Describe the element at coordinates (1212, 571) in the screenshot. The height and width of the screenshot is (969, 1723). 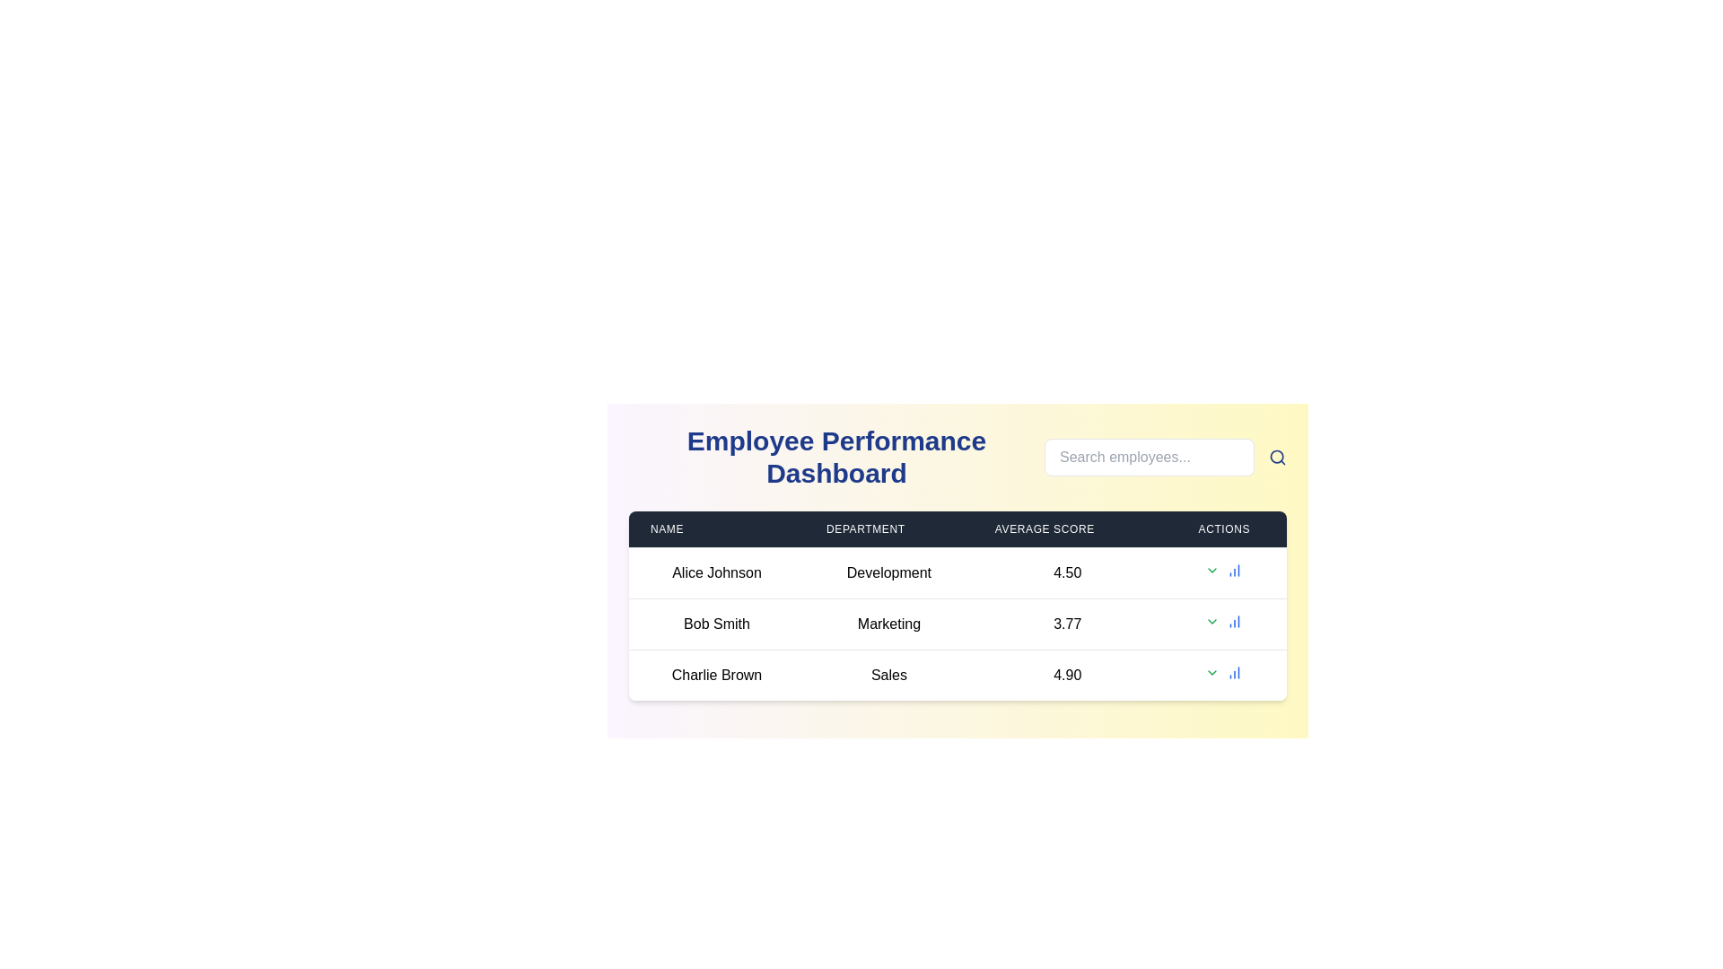
I see `the green downward-facing chevron triangle icon in the top-right section of the dashboard under the 'Actions' column` at that location.